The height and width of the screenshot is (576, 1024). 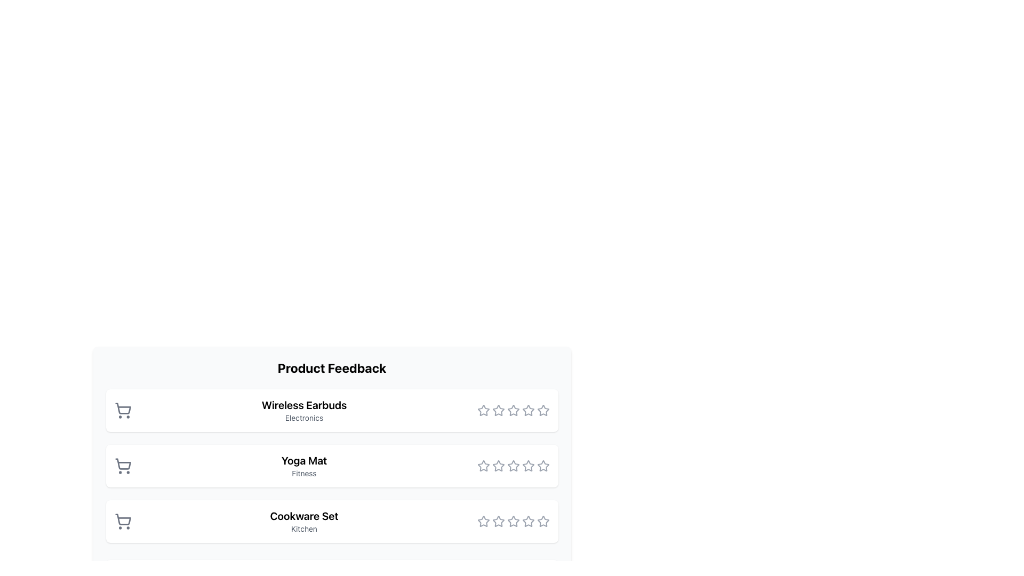 I want to click on the fourth star-shaped icon in the feedback section labeled 'Yoga Mat', so click(x=513, y=466).